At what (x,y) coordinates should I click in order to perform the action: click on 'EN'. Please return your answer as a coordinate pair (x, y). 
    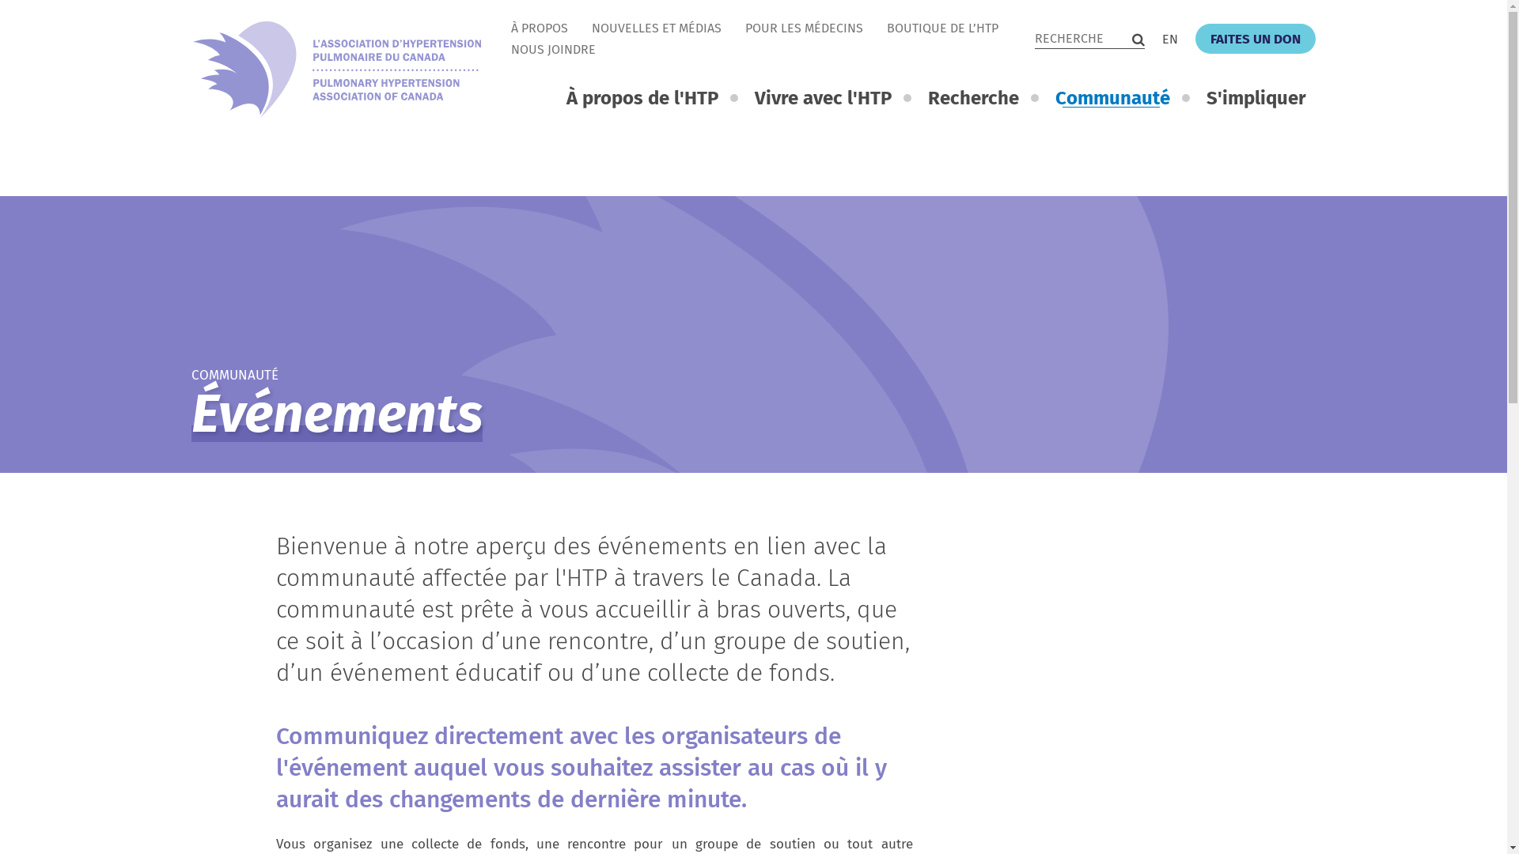
    Looking at the image, I should click on (1178, 38).